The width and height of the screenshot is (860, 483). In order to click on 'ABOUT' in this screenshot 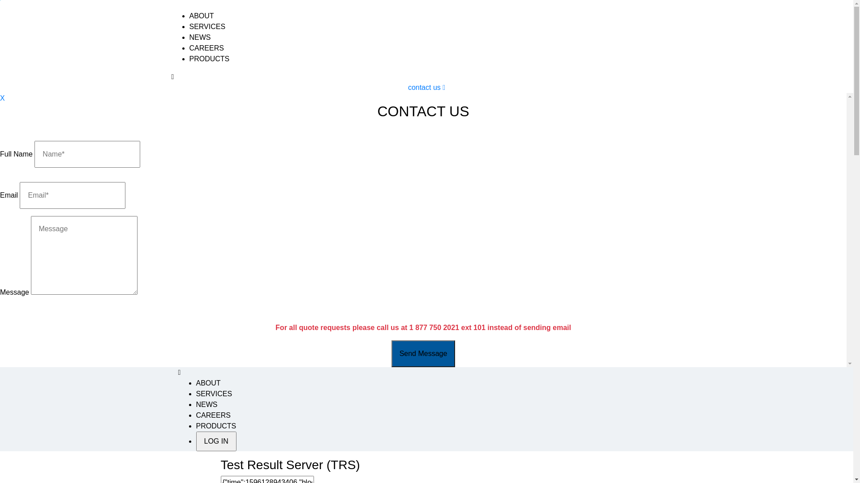, I will do `click(208, 382)`.